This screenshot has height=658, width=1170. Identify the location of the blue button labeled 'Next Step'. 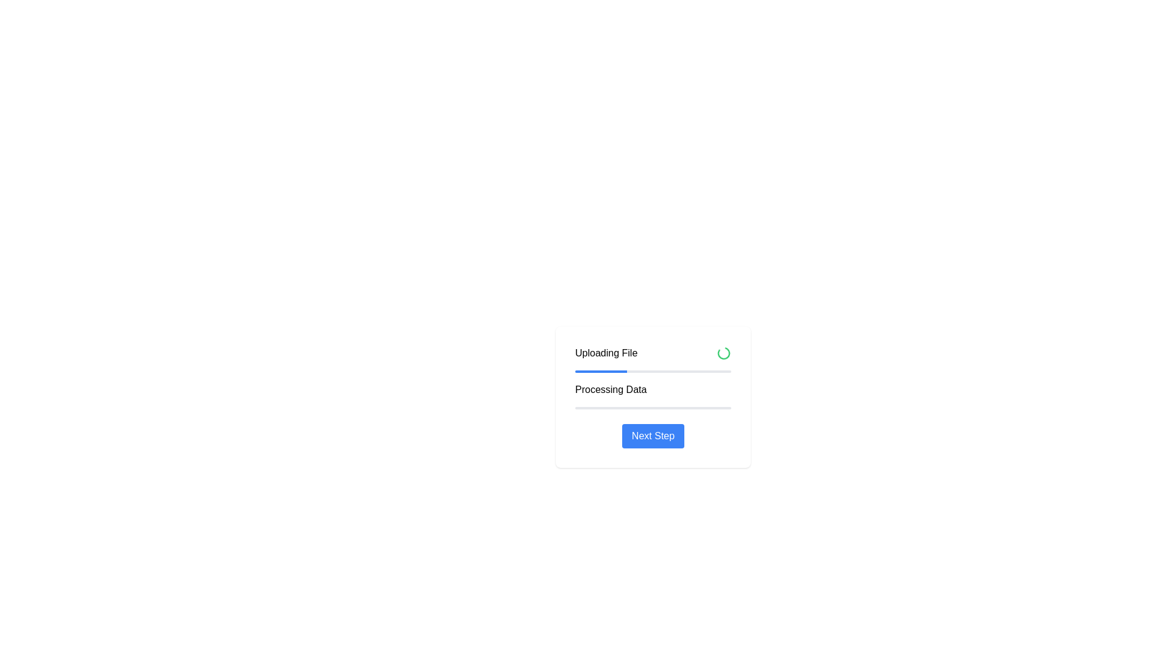
(652, 436).